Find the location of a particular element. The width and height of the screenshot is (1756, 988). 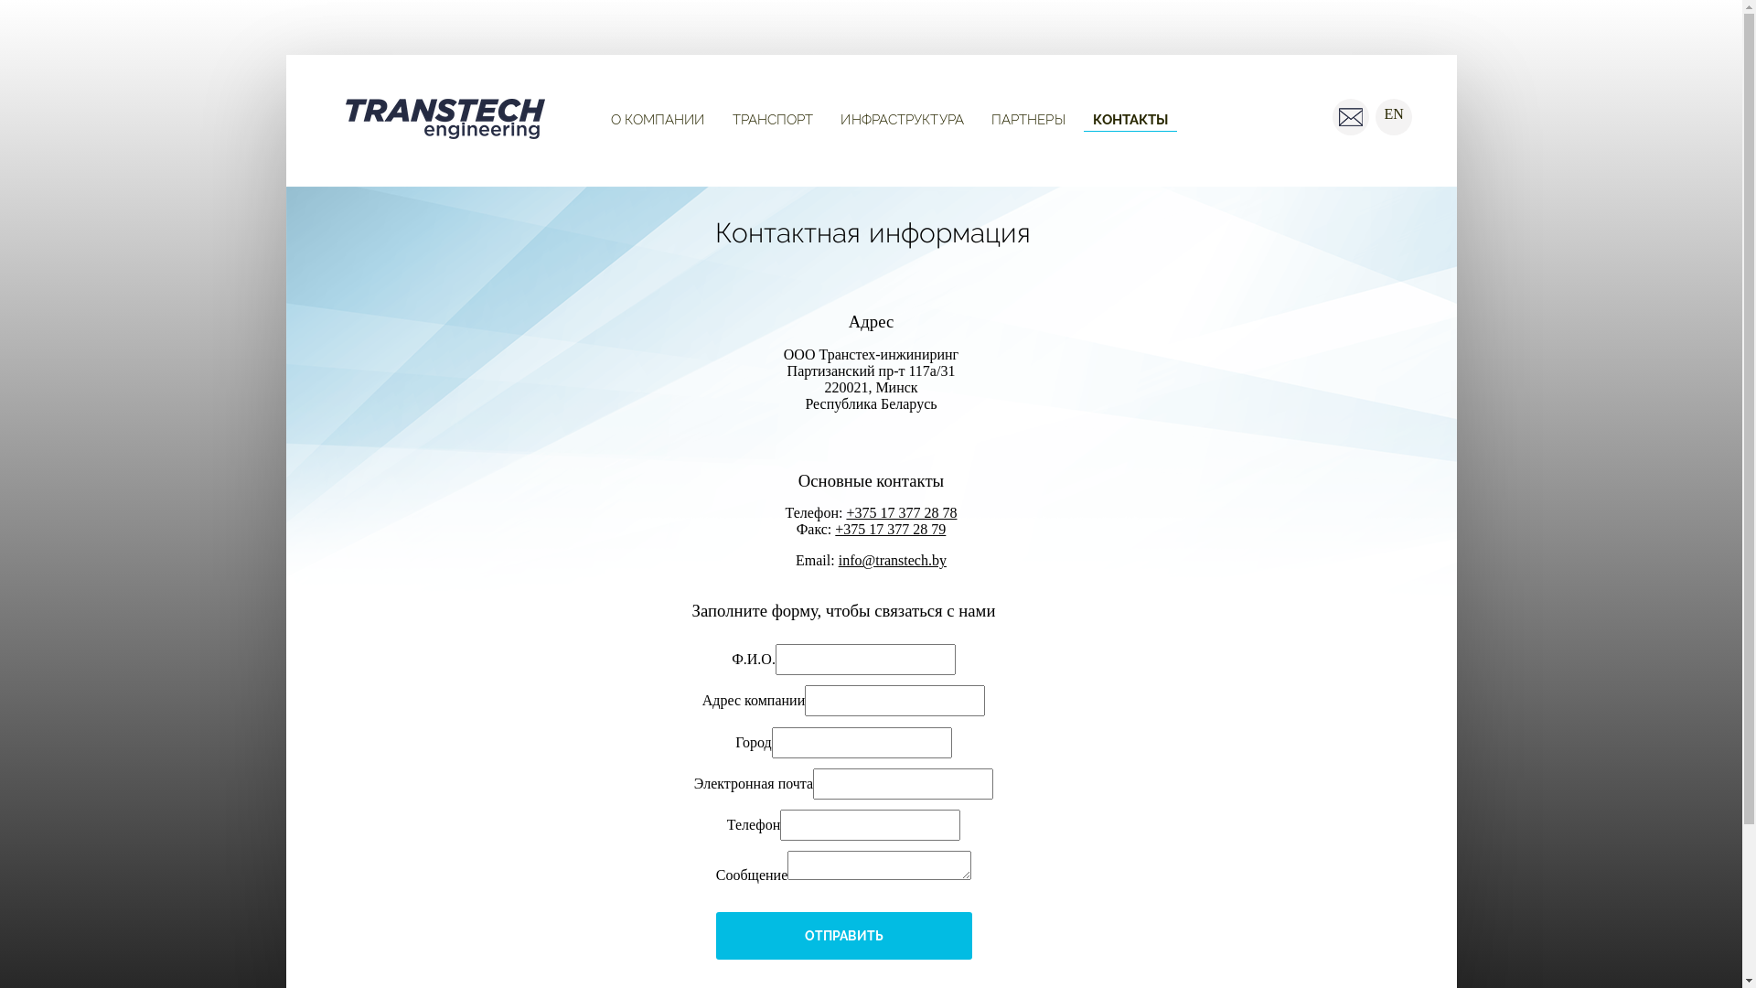

'+375 17 377 28 79' is located at coordinates (890, 529).